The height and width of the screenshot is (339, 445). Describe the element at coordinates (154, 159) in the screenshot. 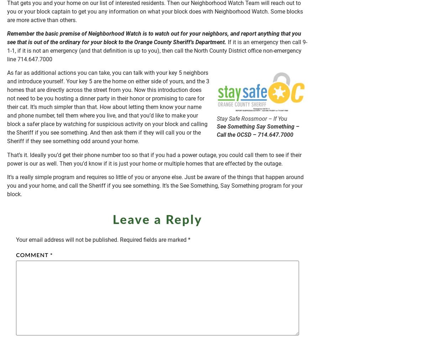

I see `'That’s it. Ideally you’d get their phone number too so that if you had a  power outage, you could call them to see if their power is our as well. Then you’d know if it is just your home or multiple homes that are effected by the outage.'` at that location.